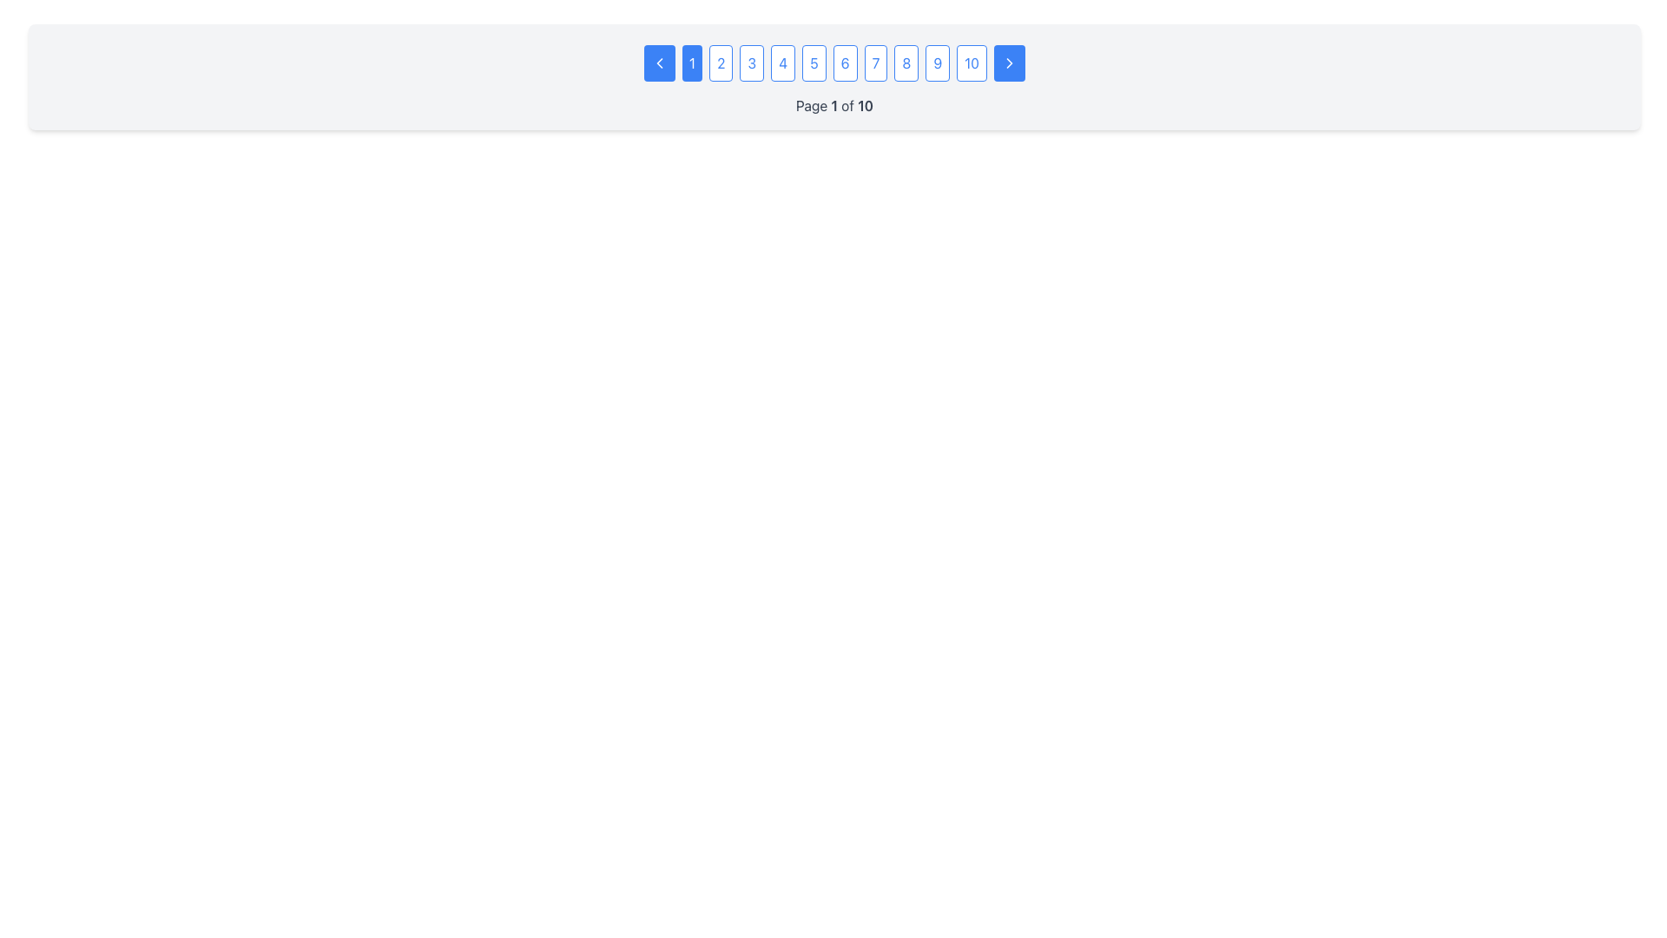 The width and height of the screenshot is (1667, 938). What do you see at coordinates (971, 63) in the screenshot?
I see `the button labeled '10', which is a rounded rectangle with a white background and blue border` at bounding box center [971, 63].